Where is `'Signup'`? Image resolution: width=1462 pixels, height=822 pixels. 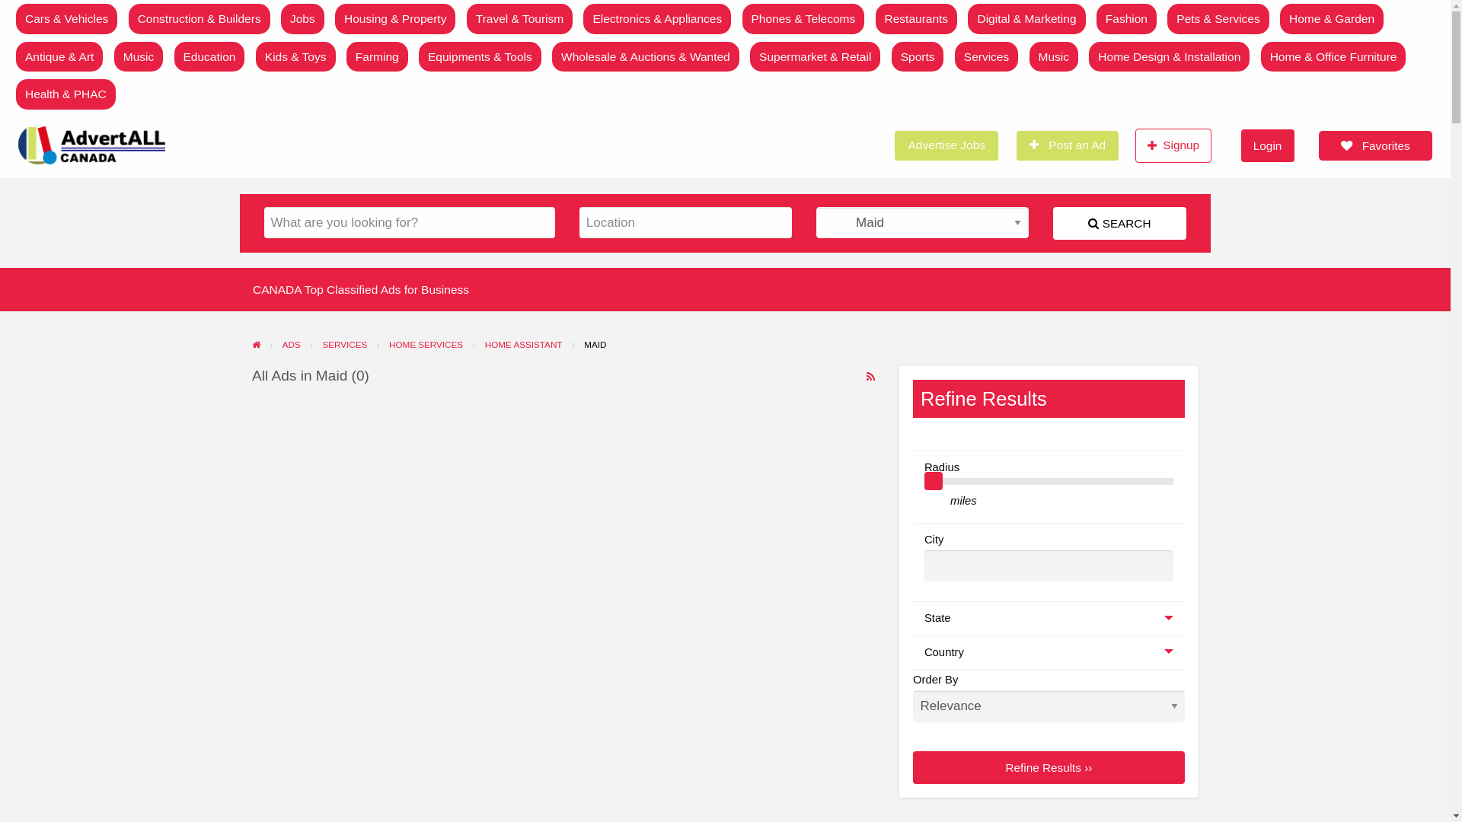 'Signup' is located at coordinates (1135, 145).